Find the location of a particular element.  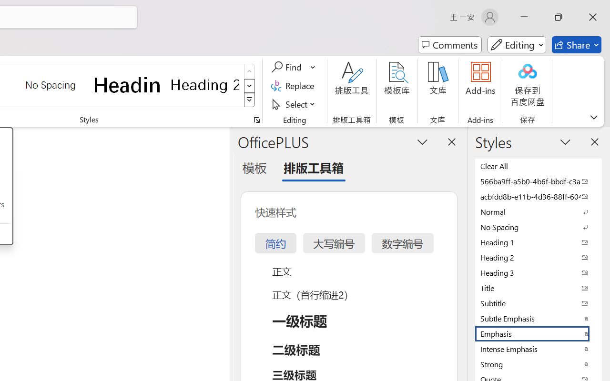

'Close' is located at coordinates (592, 17).